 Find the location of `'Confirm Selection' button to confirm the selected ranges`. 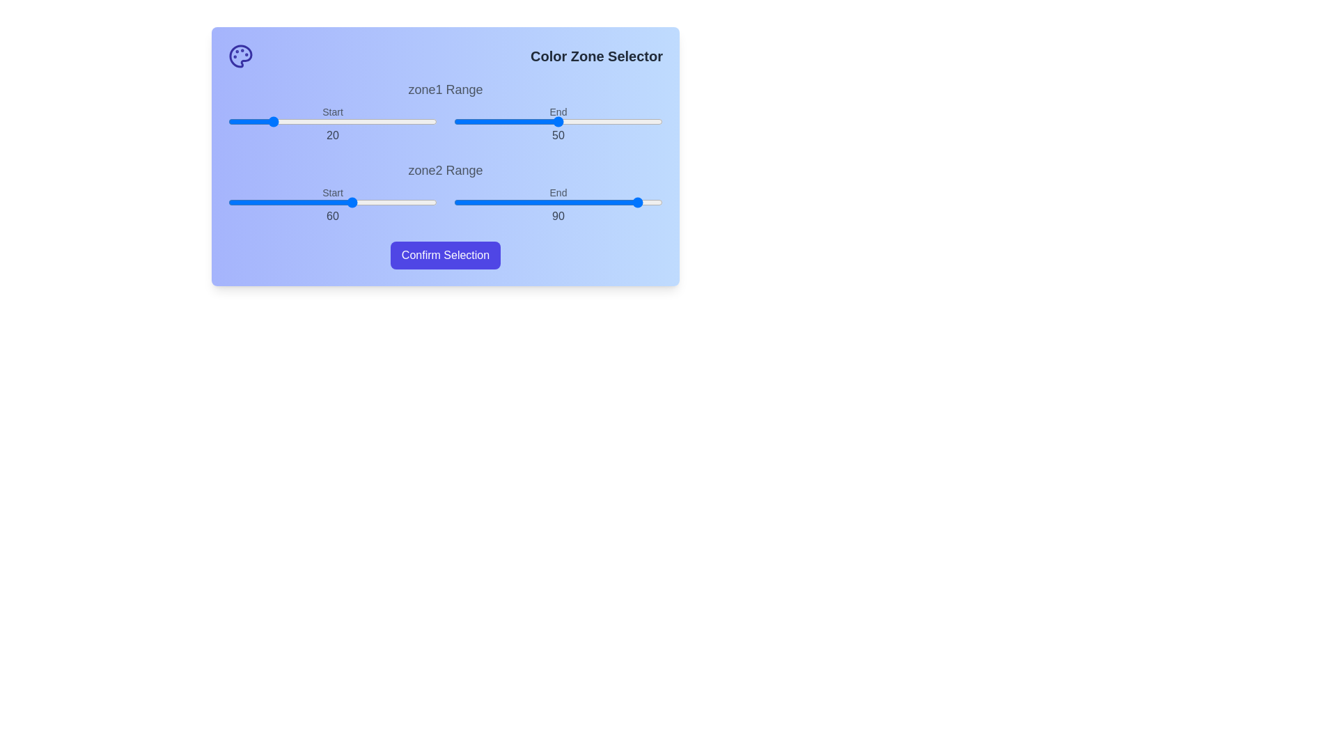

'Confirm Selection' button to confirm the selected ranges is located at coordinates (444, 255).